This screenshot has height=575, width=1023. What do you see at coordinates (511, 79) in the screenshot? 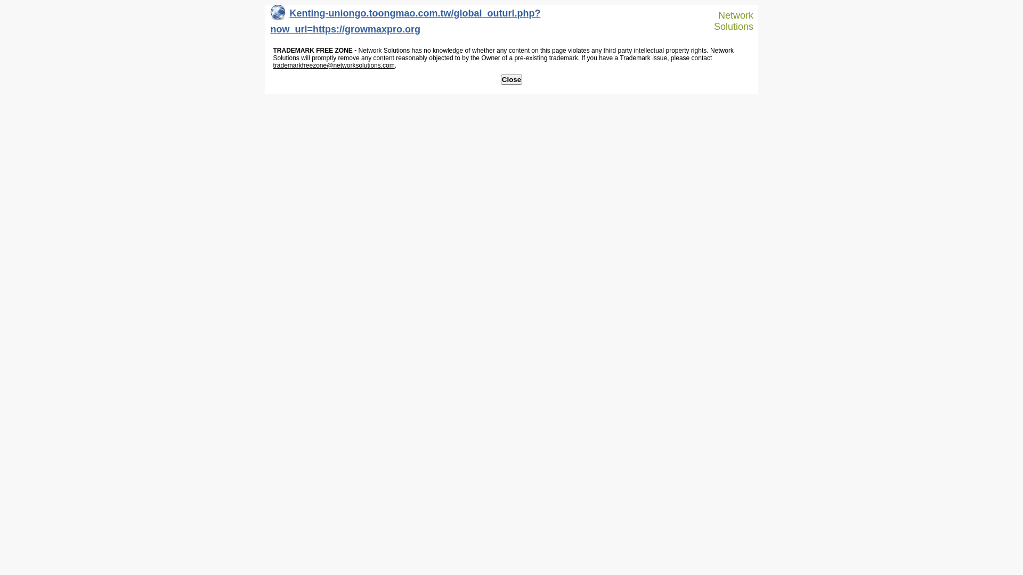
I see `'Close'` at bounding box center [511, 79].